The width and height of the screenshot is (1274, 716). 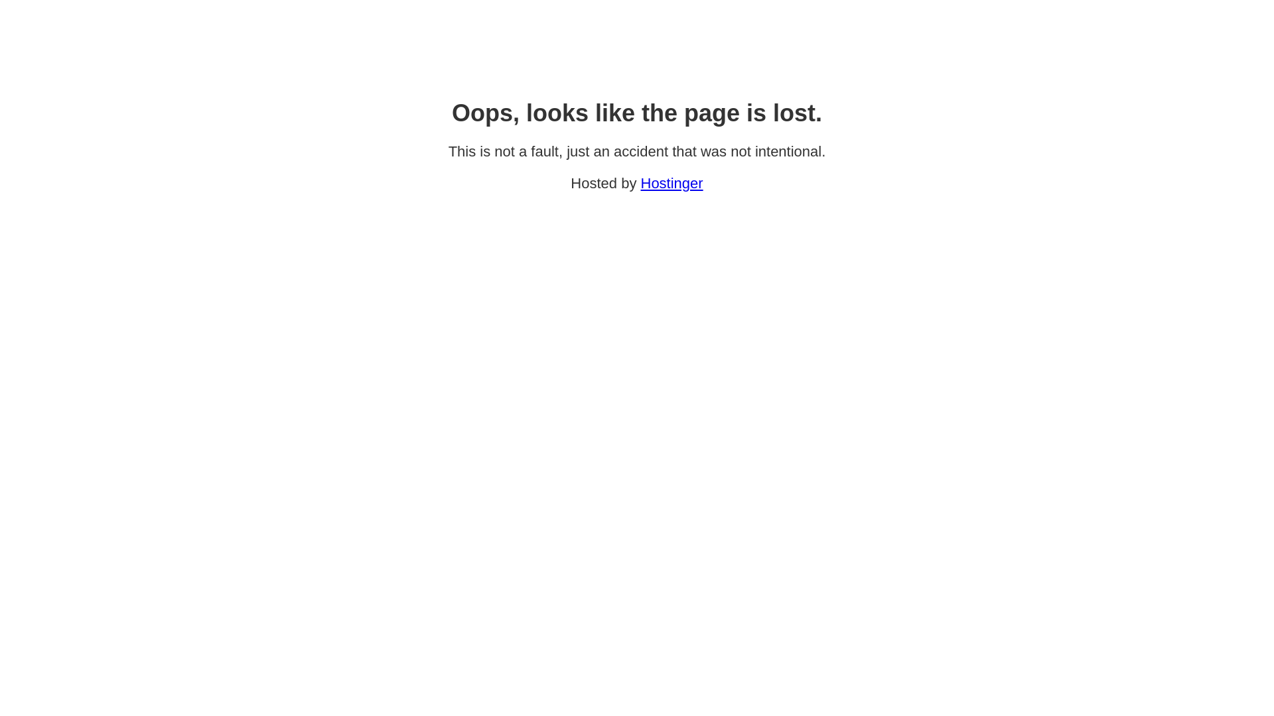 I want to click on 'Hostinger', so click(x=672, y=183).